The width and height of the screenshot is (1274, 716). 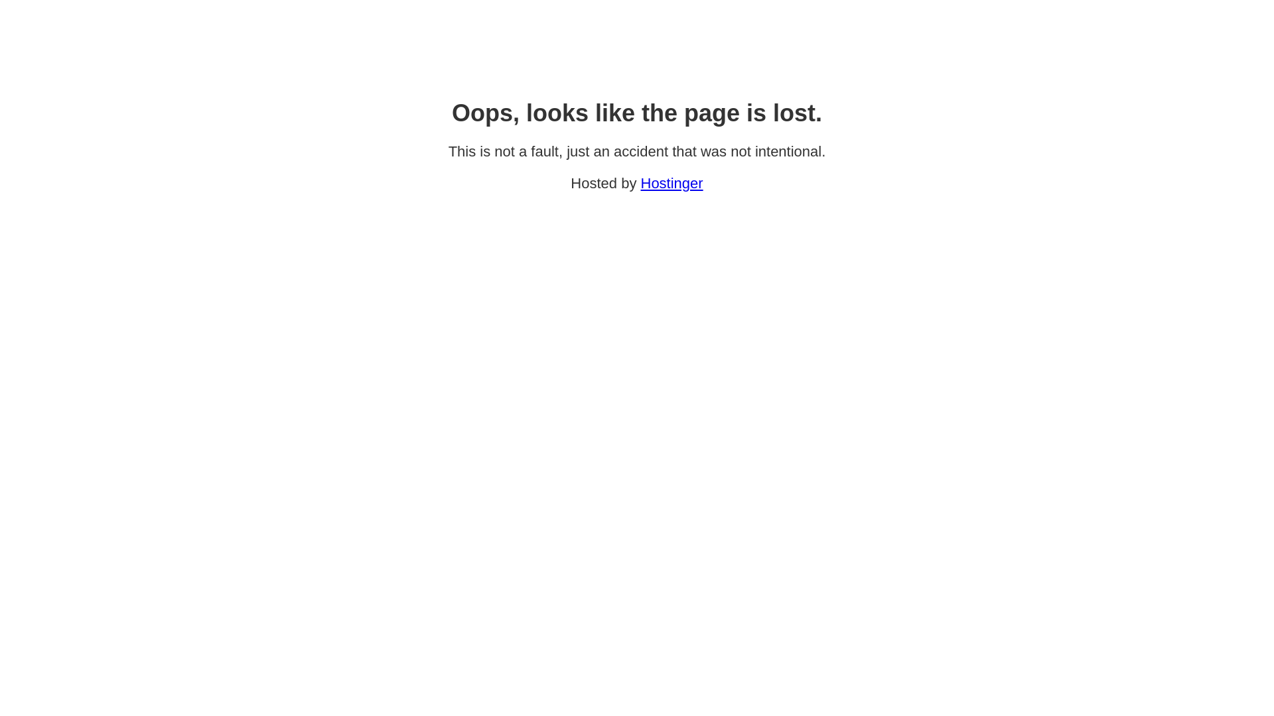 I want to click on 'Hostinger', so click(x=672, y=183).